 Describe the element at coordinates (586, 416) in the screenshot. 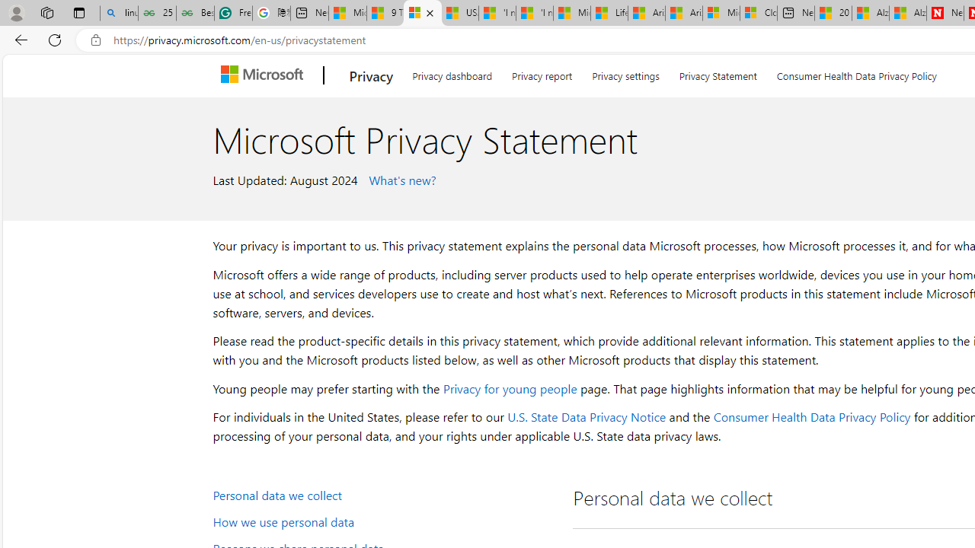

I see `'U.S. State Data Privacy Notice'` at that location.